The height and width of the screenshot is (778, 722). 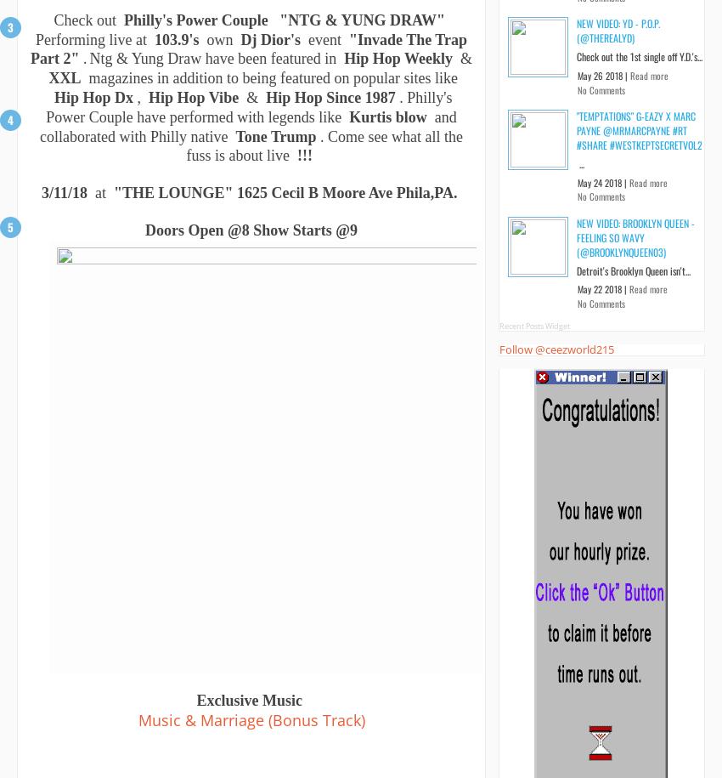 I want to click on '"Invade The Trap Part 2"', so click(x=30, y=48).